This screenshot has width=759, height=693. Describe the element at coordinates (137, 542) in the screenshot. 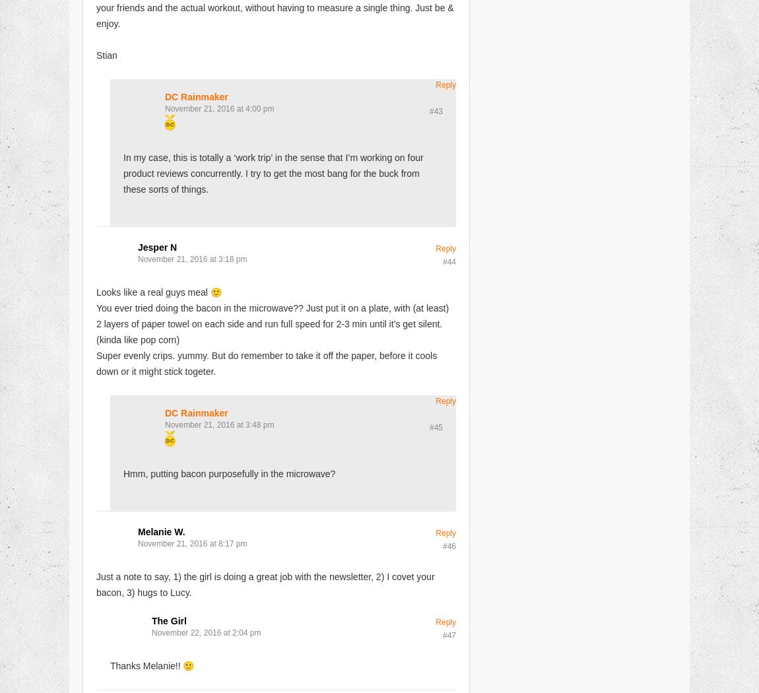

I see `'November 21, 2016 at 8:17 pm'` at that location.